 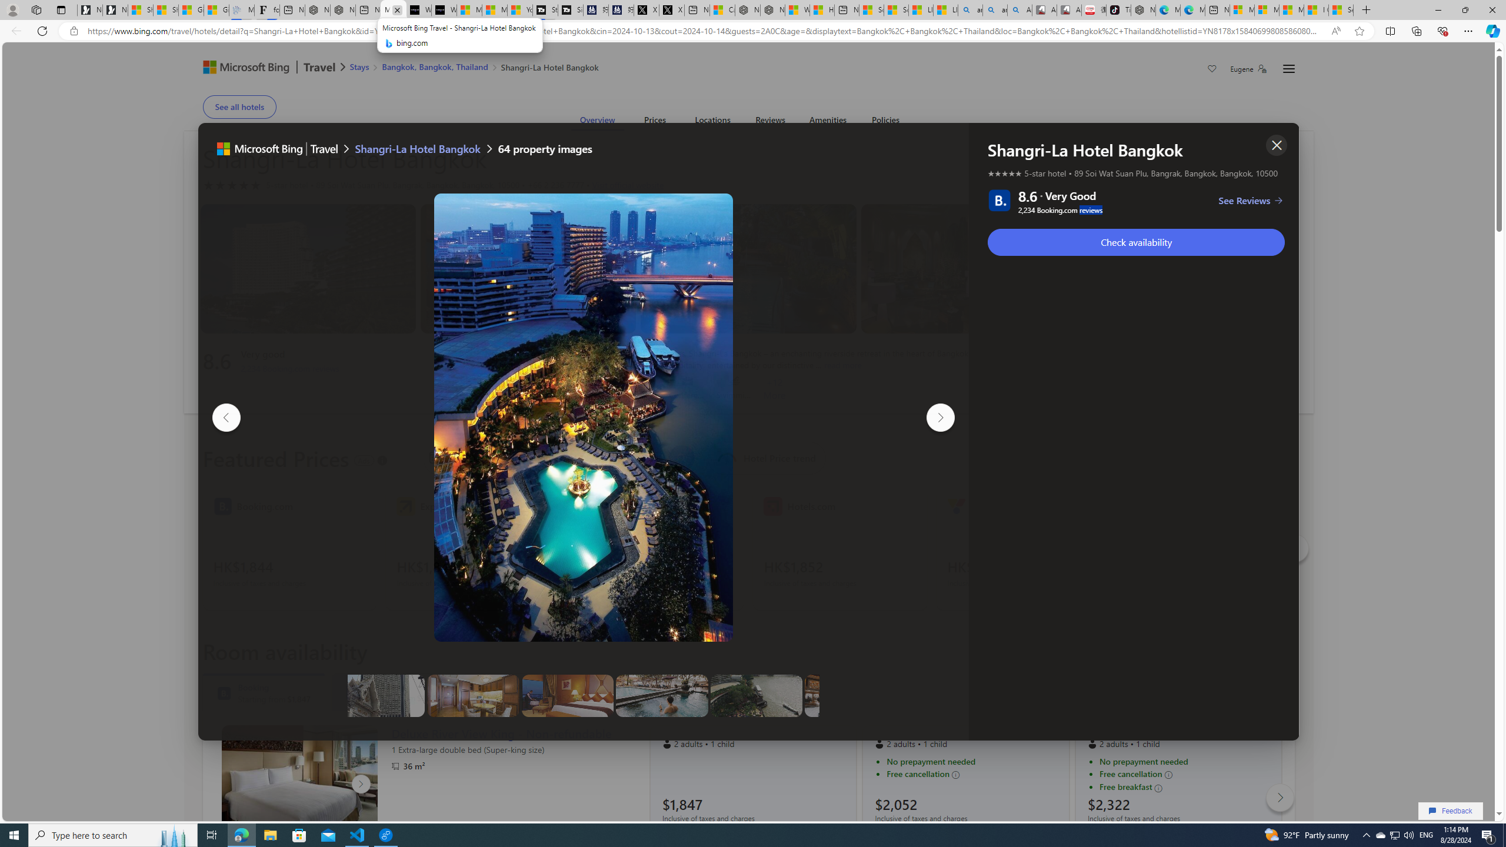 I want to click on 'Microsoft Bing Travel - Shangri-La Hotel Bangkok', so click(x=393, y=9).